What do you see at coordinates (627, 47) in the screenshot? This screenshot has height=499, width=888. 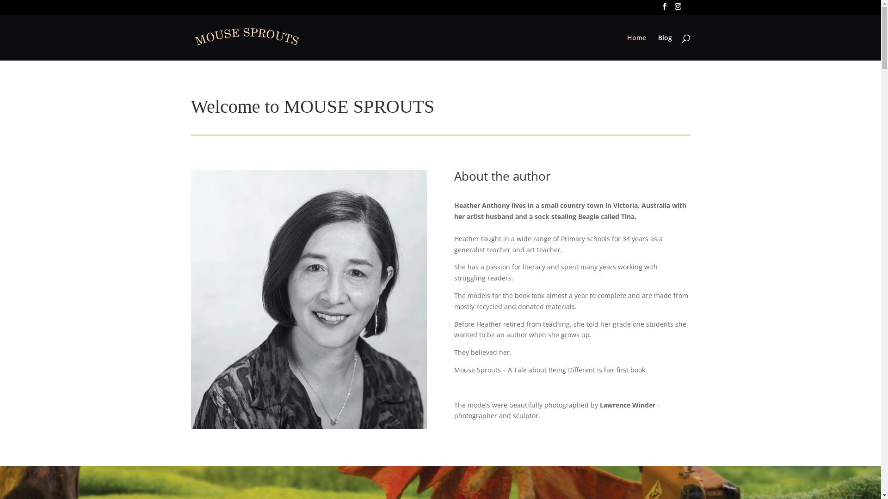 I see `'Home'` at bounding box center [627, 47].